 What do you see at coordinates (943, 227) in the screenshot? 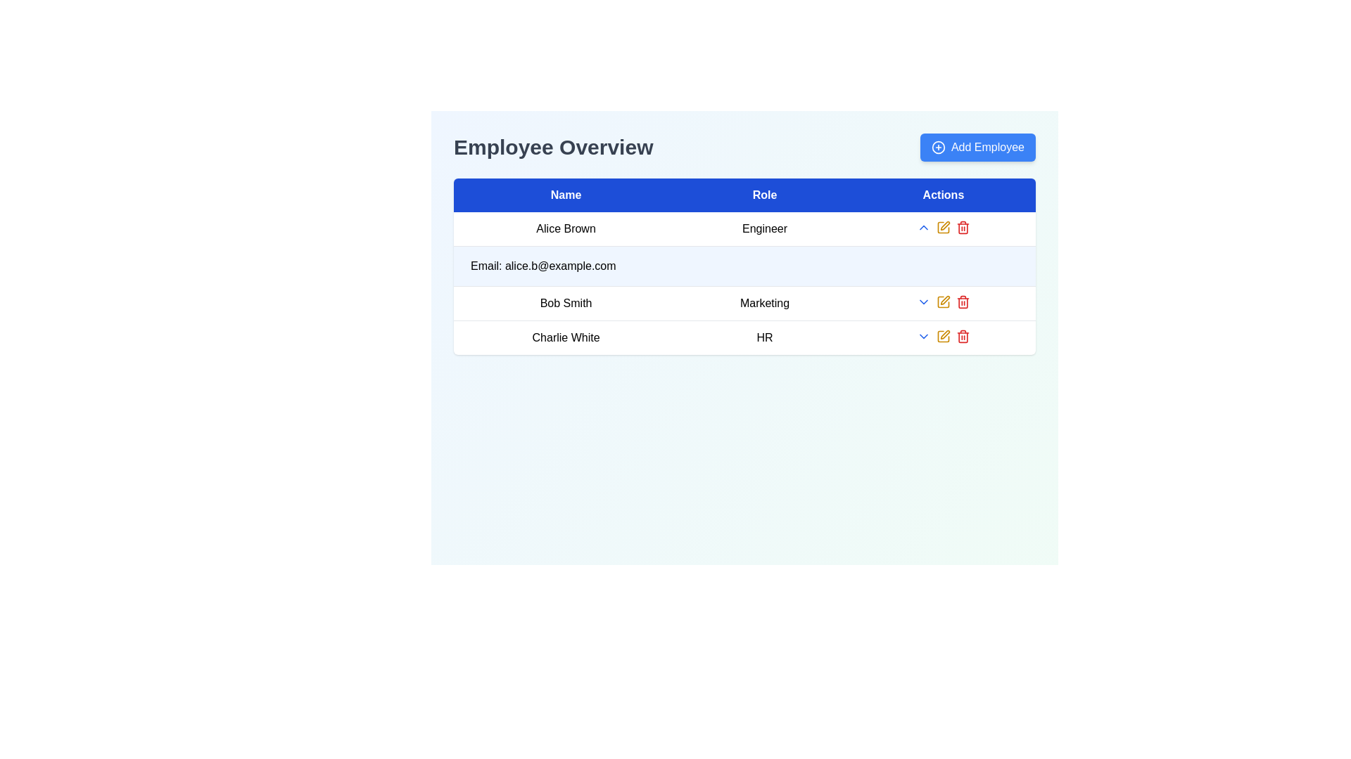
I see `the pencil icon located in the Actions column of the first row to initiate an edit action` at bounding box center [943, 227].